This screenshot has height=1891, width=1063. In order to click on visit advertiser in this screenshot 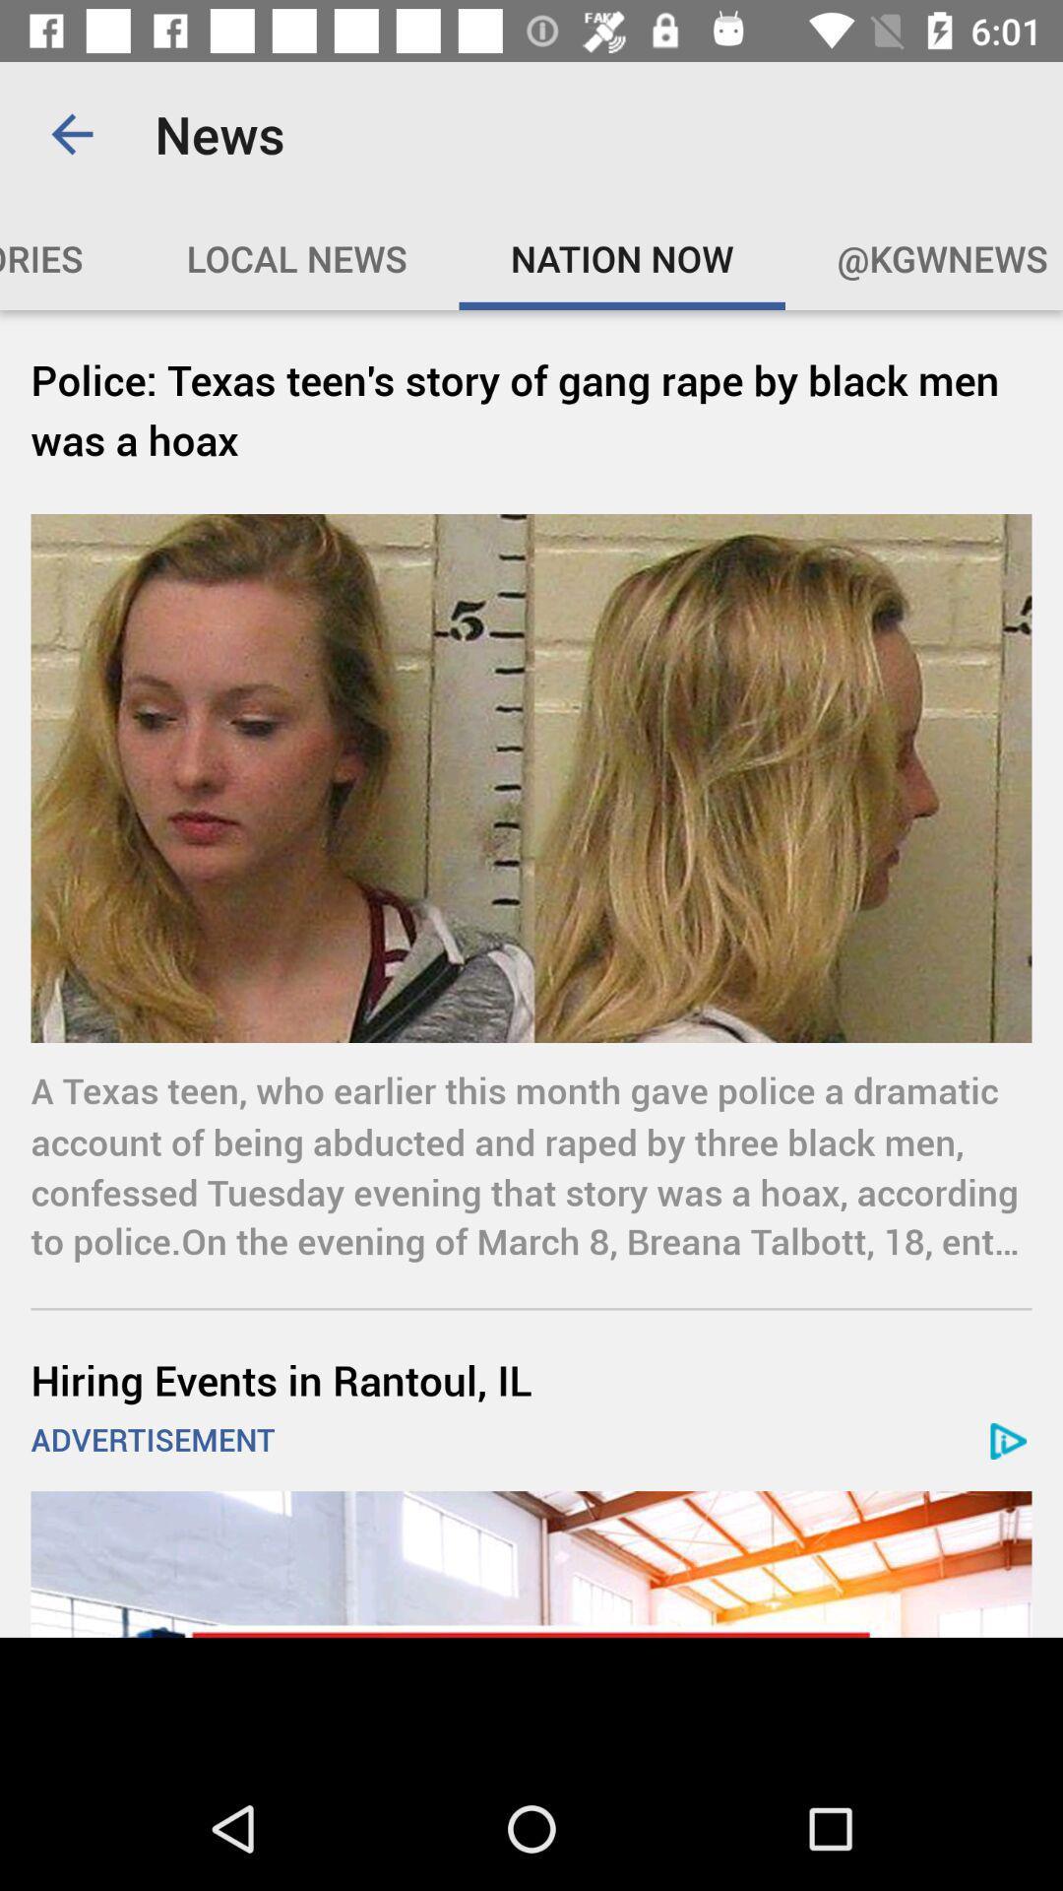, I will do `click(531, 1563)`.